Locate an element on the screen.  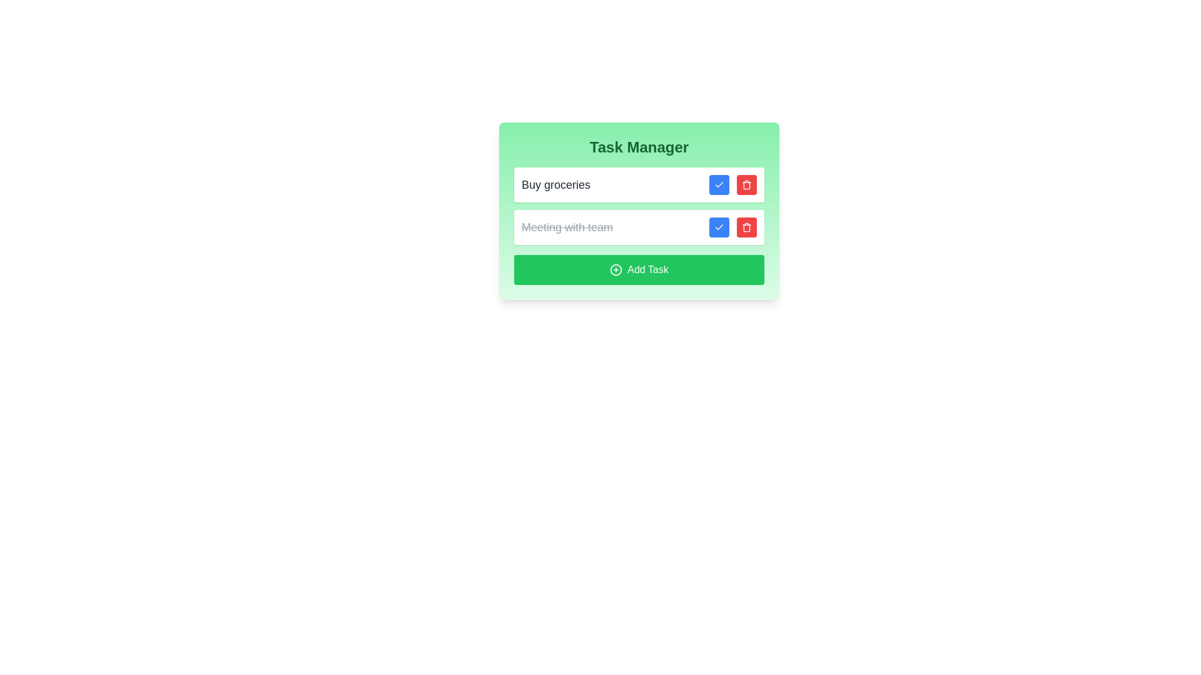
the second task item block within the task manager component, which is a rectangular card with a green gradient background and rounded corners is located at coordinates (639, 211).